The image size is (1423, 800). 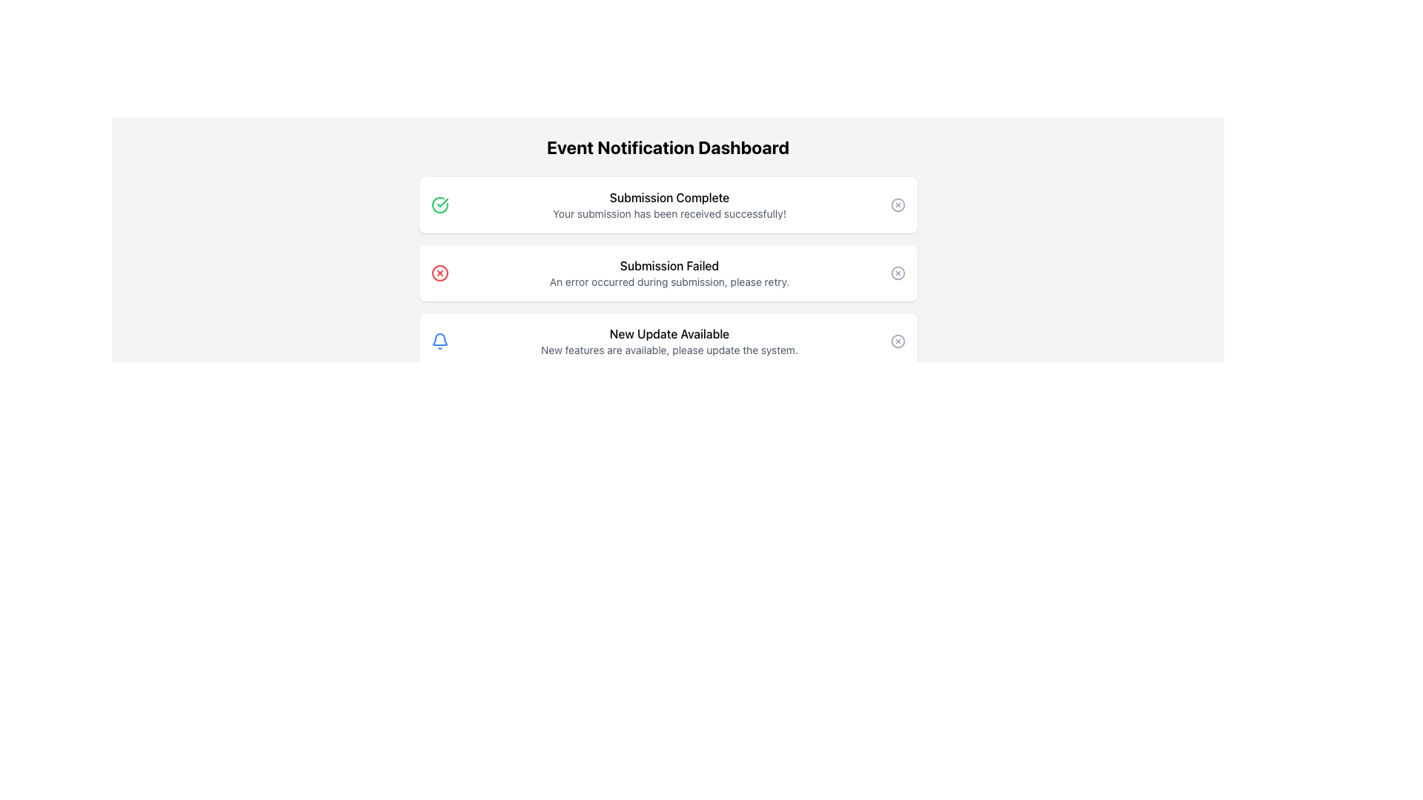 What do you see at coordinates (439, 339) in the screenshot?
I see `the notification icon, which resembles a curved bell shape with a blue outline` at bounding box center [439, 339].